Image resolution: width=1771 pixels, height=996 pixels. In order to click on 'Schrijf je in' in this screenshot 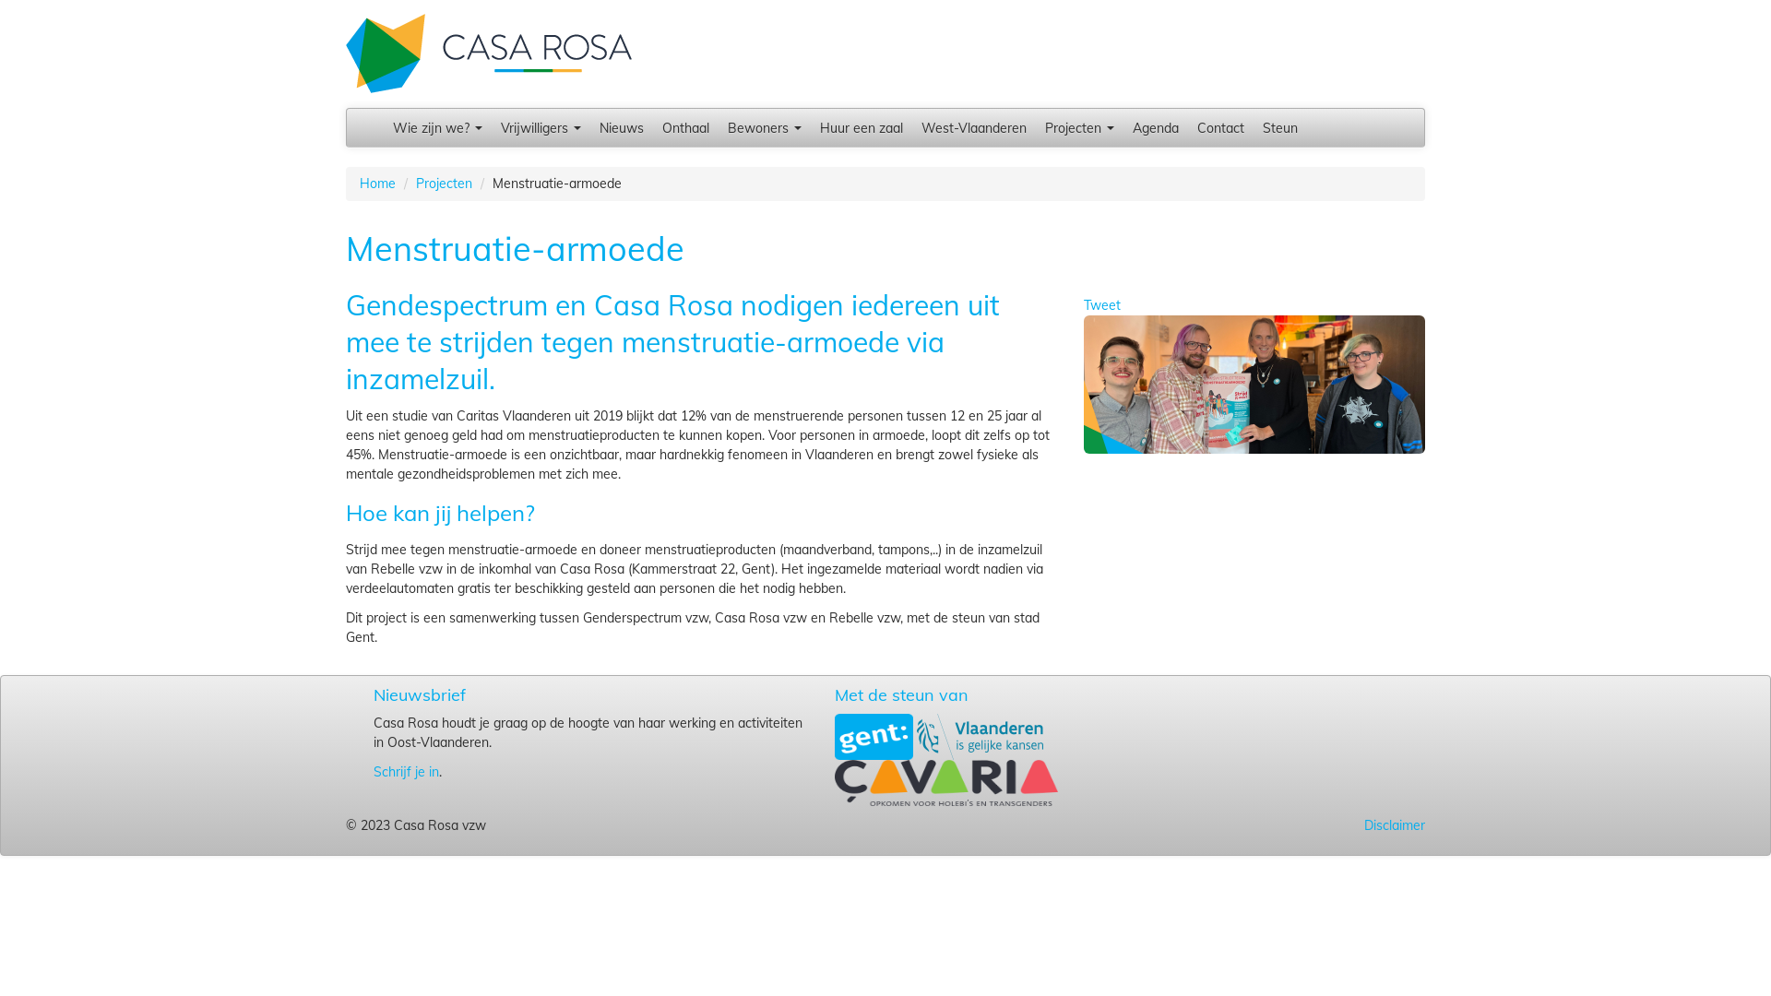, I will do `click(405, 772)`.